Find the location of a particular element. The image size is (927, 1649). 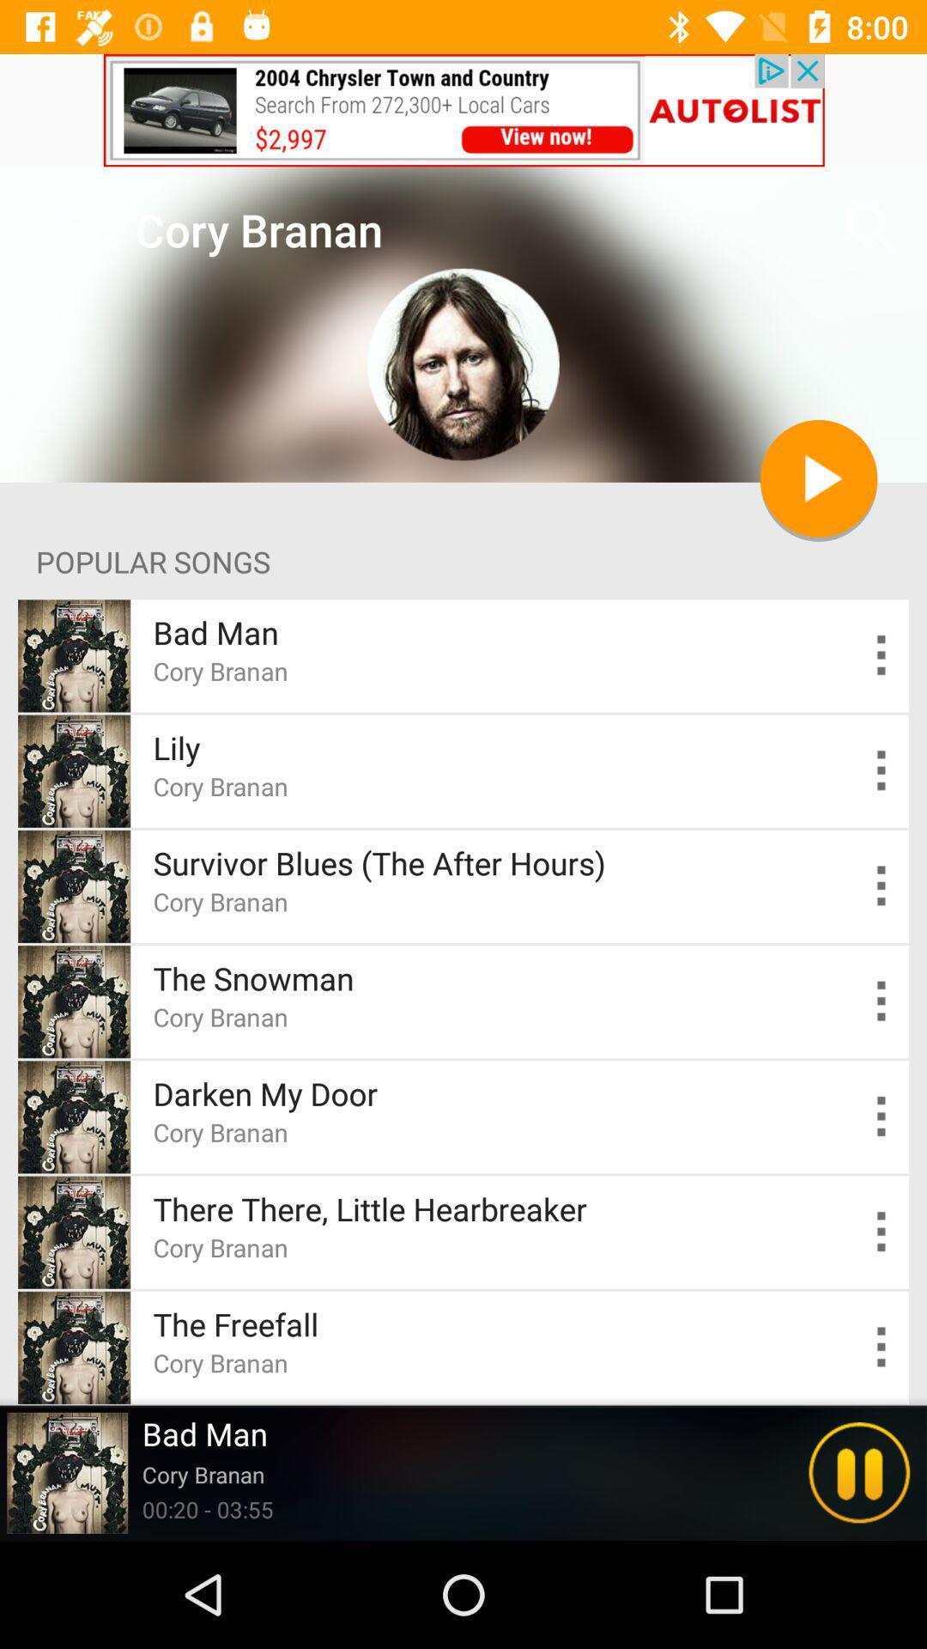

the more icon is located at coordinates (882, 1231).